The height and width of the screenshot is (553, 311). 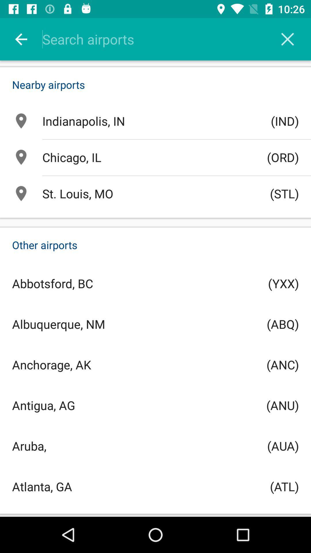 What do you see at coordinates (287, 39) in the screenshot?
I see `the item above nearby airports icon` at bounding box center [287, 39].